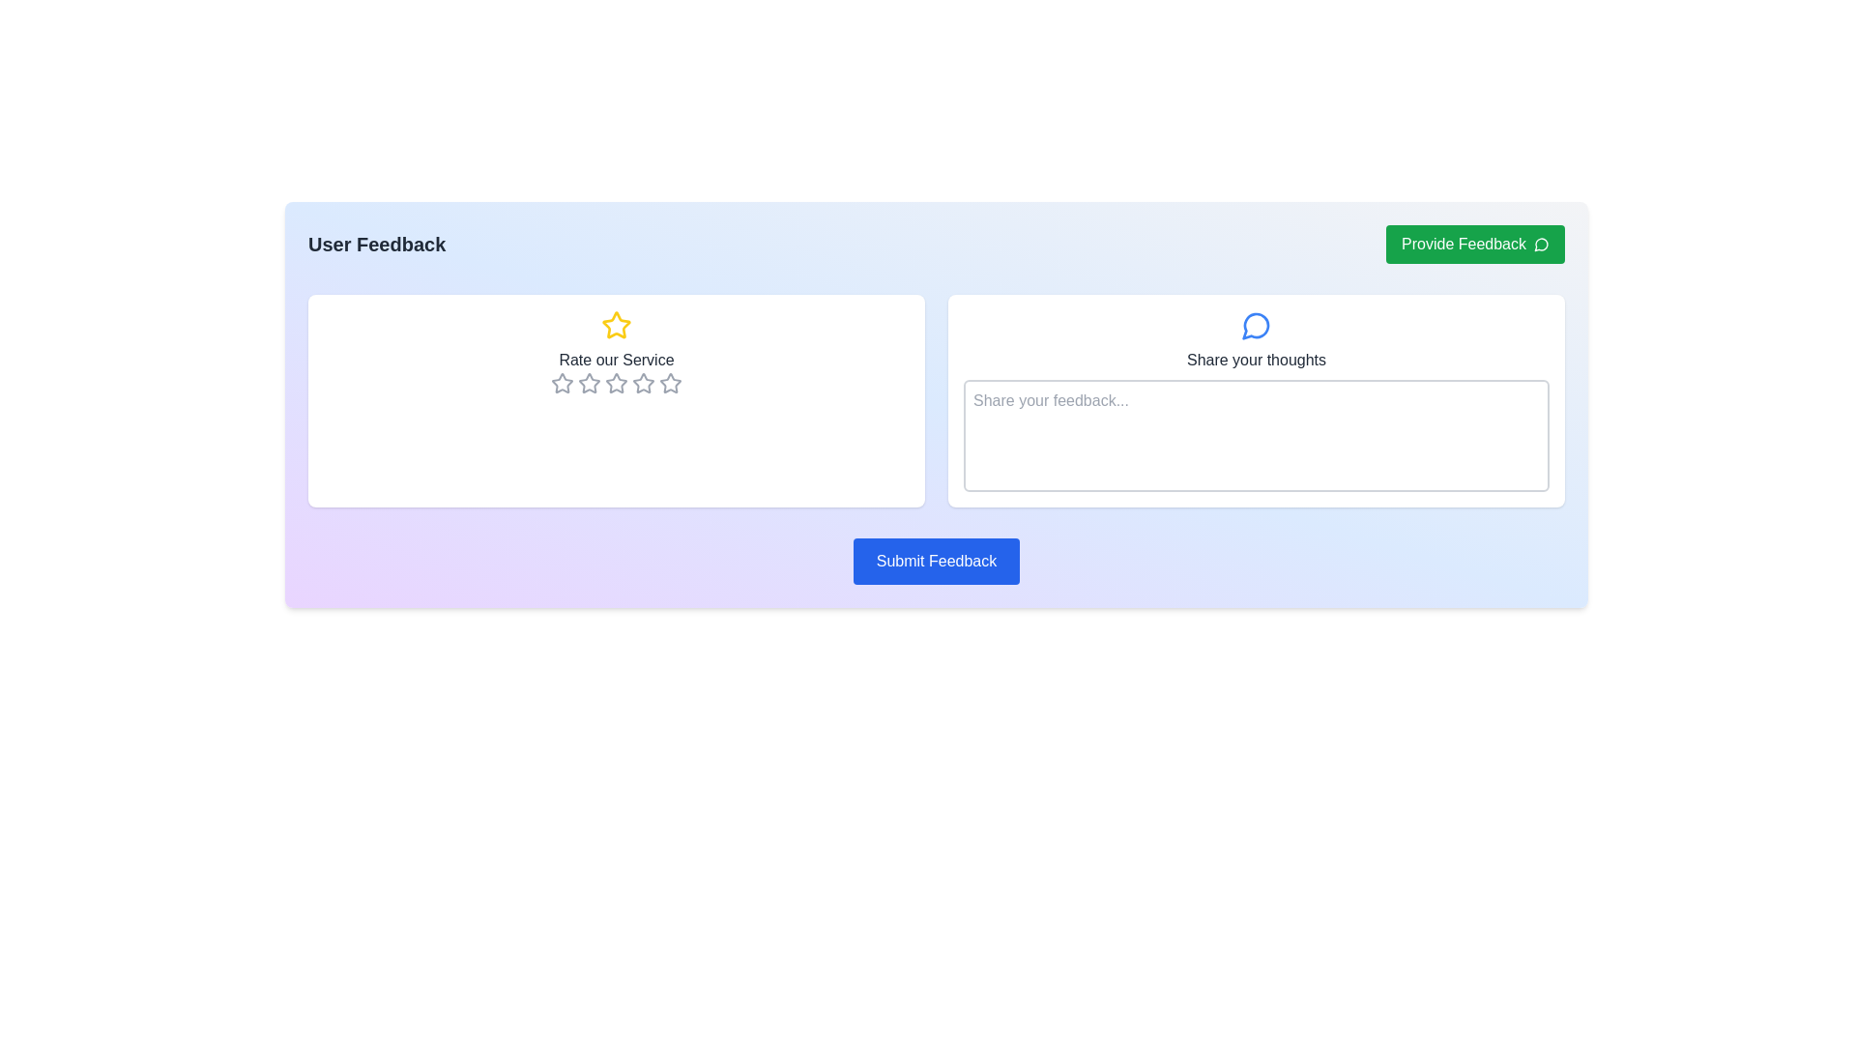 The height and width of the screenshot is (1044, 1856). What do you see at coordinates (561, 384) in the screenshot?
I see `the first star icon in the rating system` at bounding box center [561, 384].